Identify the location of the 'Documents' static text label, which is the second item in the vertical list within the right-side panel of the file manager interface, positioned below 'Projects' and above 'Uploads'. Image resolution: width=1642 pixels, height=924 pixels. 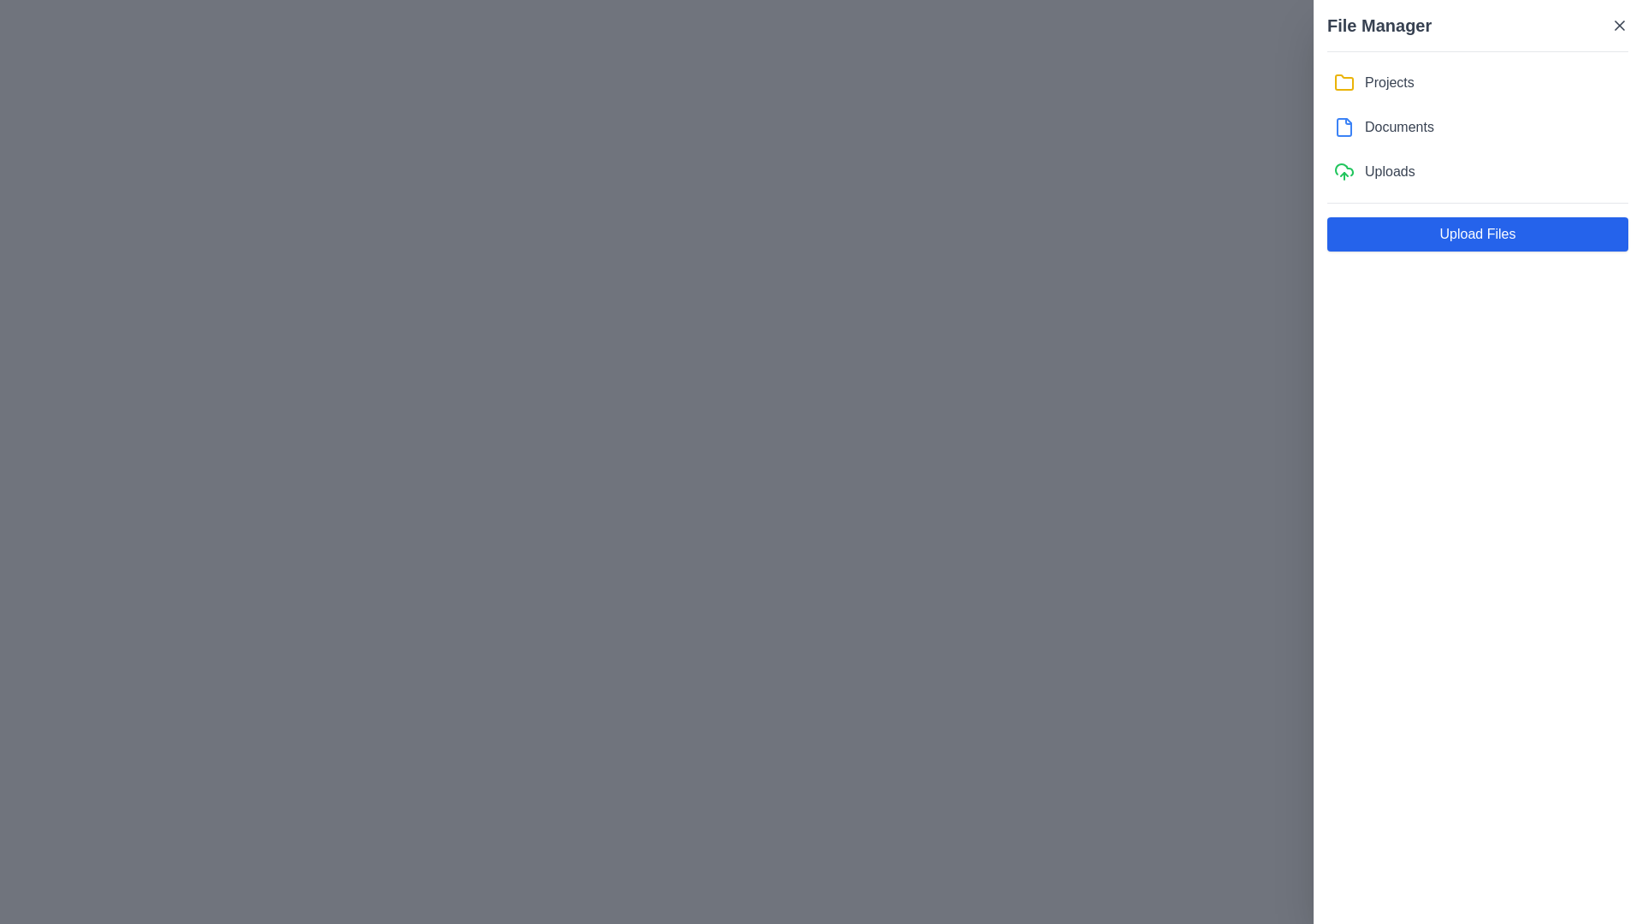
(1399, 127).